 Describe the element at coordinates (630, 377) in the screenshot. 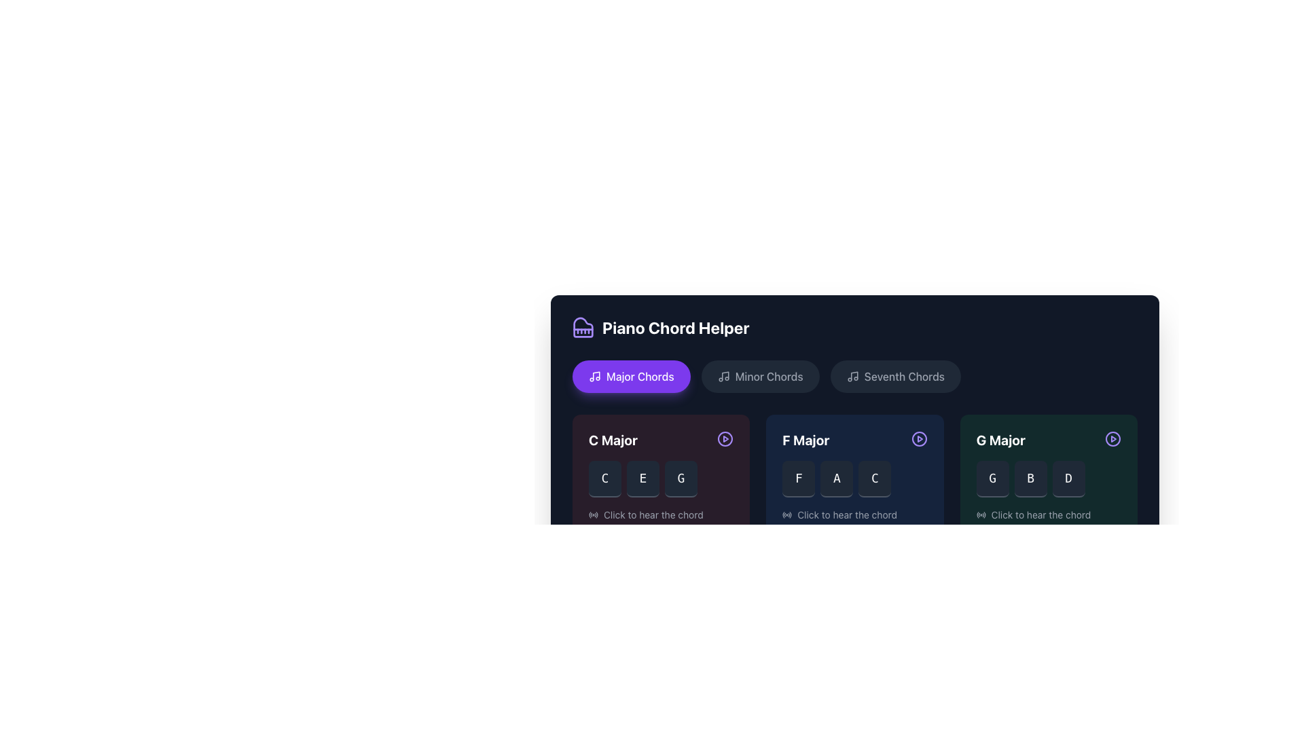

I see `the first button labeled 'Major Chords' in the horizontal row of buttons under the 'Piano Chord Helper' title` at that location.